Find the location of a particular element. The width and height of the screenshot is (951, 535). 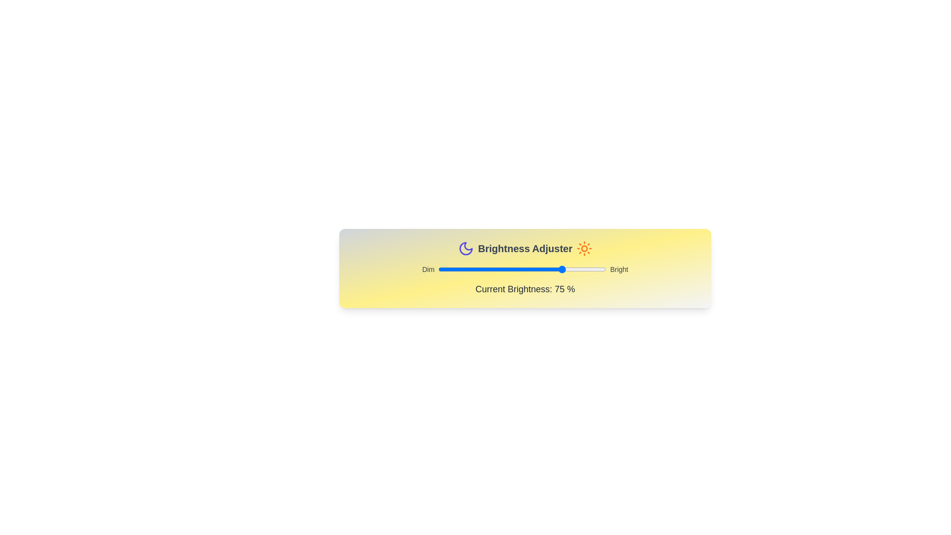

the brightness slider to 93% to examine its visual representation is located at coordinates (594, 269).